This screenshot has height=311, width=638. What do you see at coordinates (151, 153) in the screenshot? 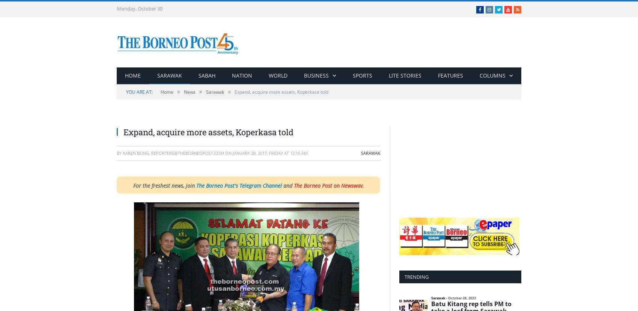
I see `'reporters@theborneopost.com'` at bounding box center [151, 153].